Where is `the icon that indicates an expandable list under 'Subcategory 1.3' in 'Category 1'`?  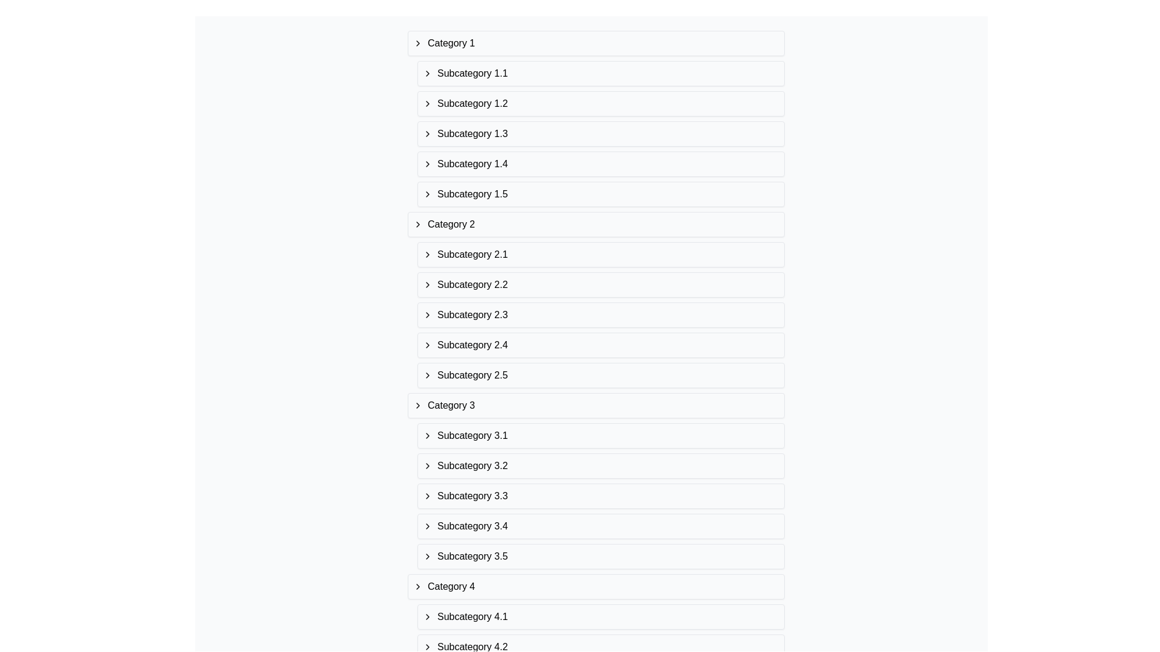 the icon that indicates an expandable list under 'Subcategory 1.3' in 'Category 1' is located at coordinates (428, 134).